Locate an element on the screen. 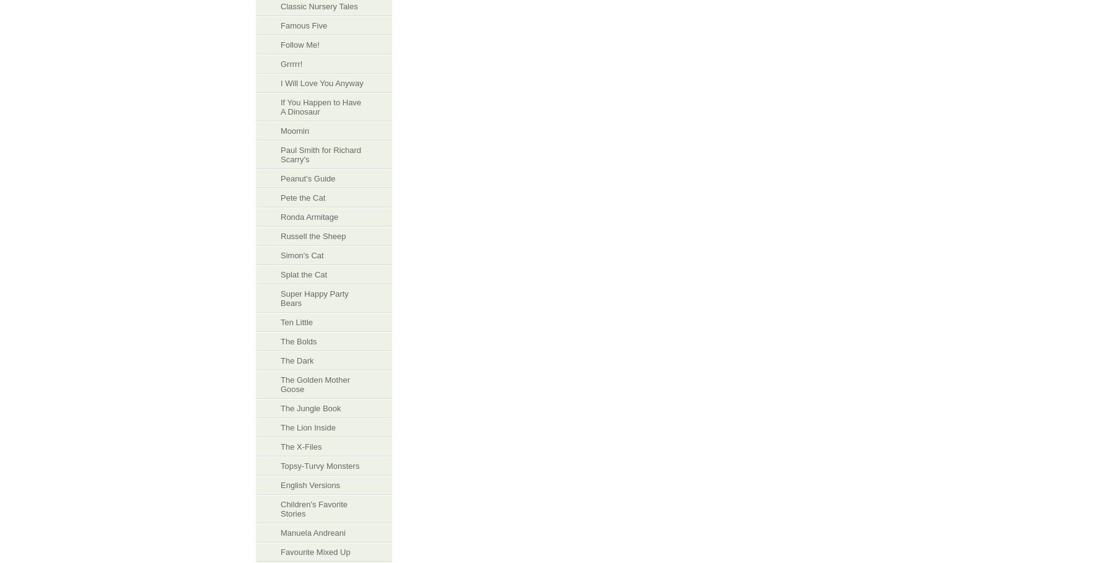 Image resolution: width=1094 pixels, height=563 pixels. 'Grrrrr!' is located at coordinates (291, 63).